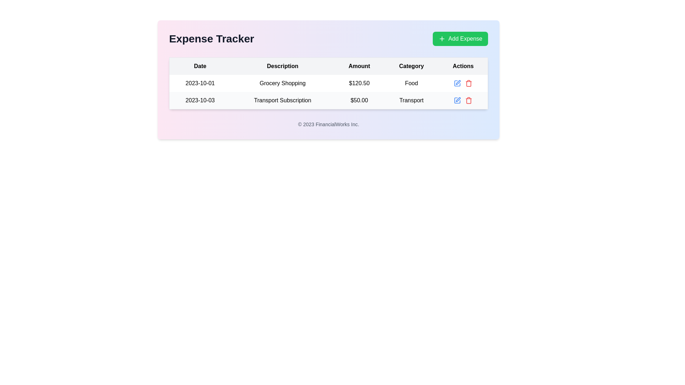  I want to click on the 'Description' text label, which is a medium-bold font header in the second column of the table, positioned between 'Date' and 'Amount', so click(282, 66).